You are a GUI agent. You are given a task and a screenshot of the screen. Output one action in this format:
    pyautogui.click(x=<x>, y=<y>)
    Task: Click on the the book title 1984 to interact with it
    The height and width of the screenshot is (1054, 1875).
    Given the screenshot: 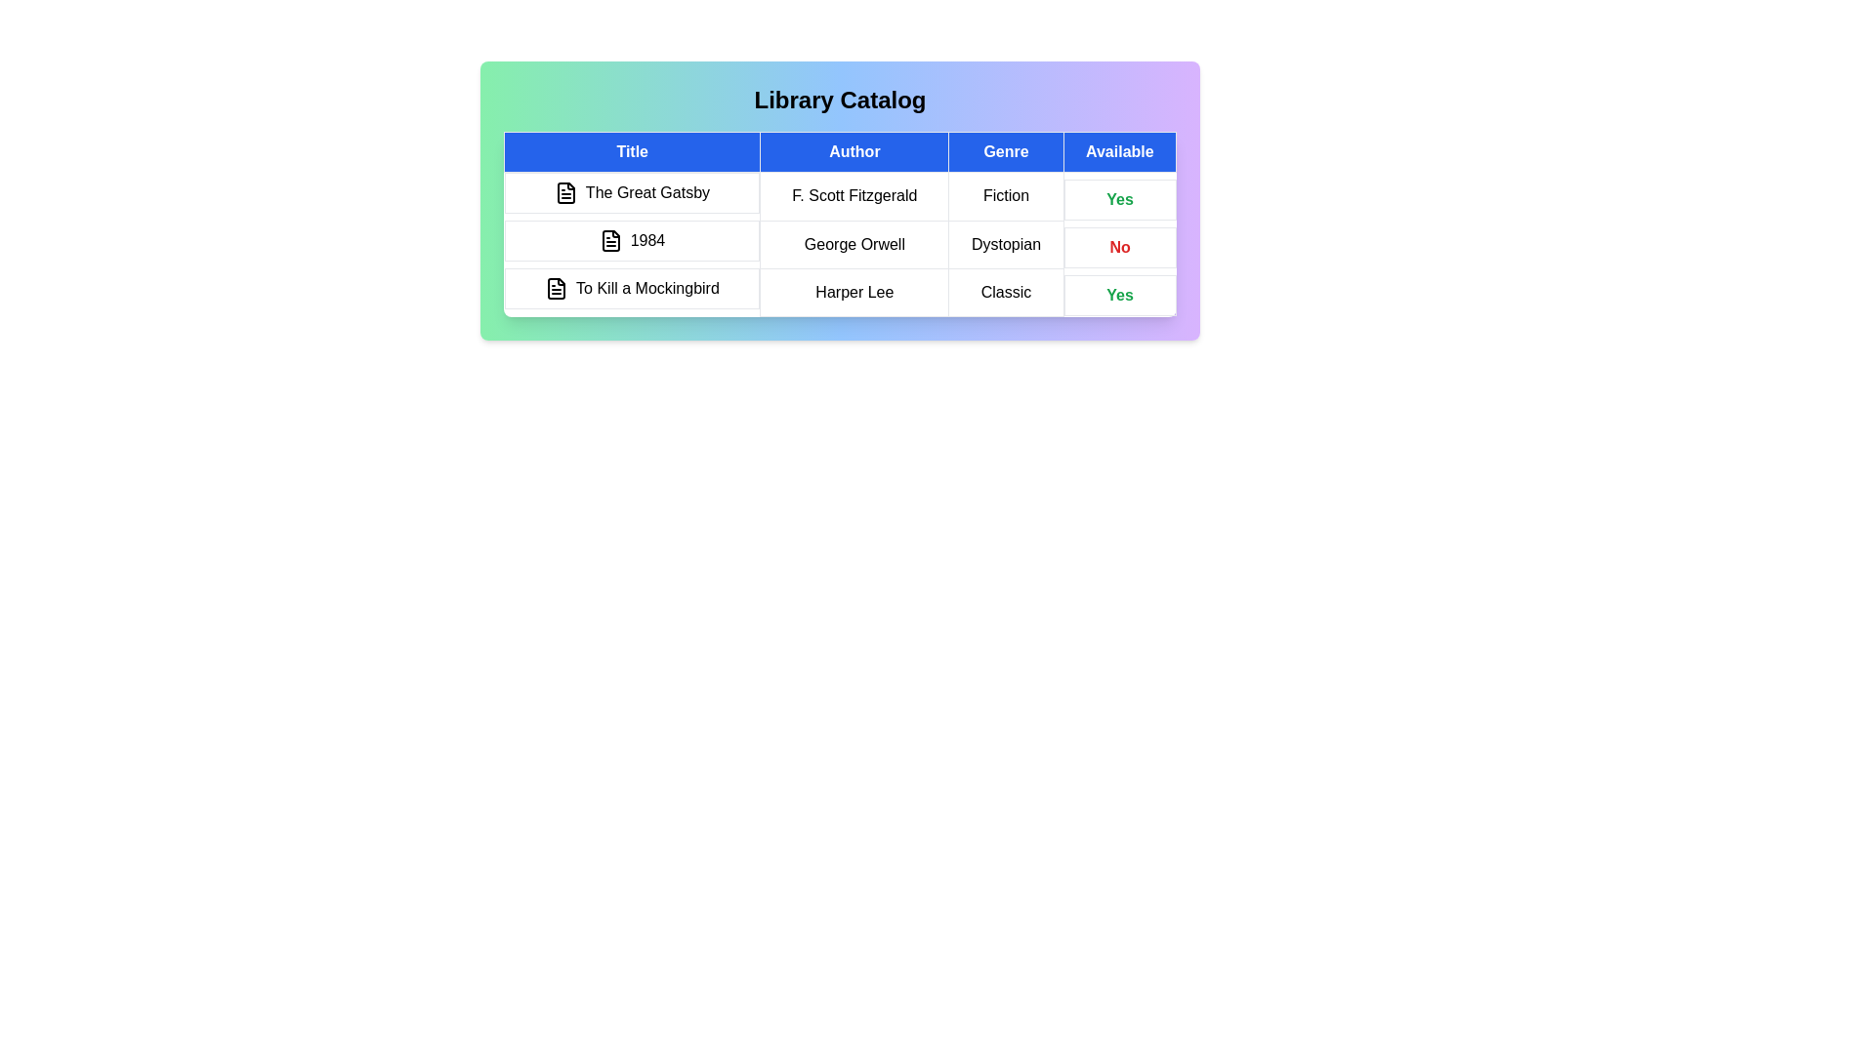 What is the action you would take?
    pyautogui.click(x=632, y=239)
    